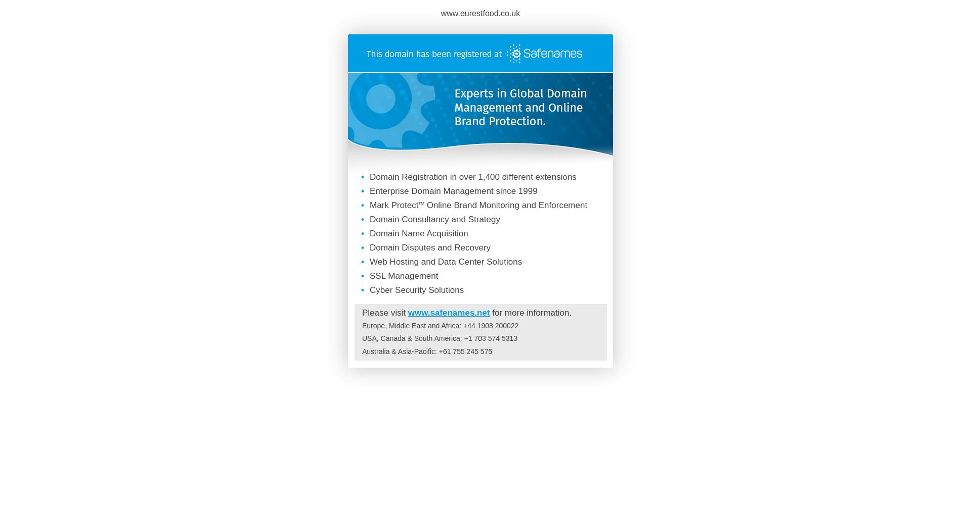  I want to click on 'Online Brand Monitoring and Enforcement', so click(505, 205).